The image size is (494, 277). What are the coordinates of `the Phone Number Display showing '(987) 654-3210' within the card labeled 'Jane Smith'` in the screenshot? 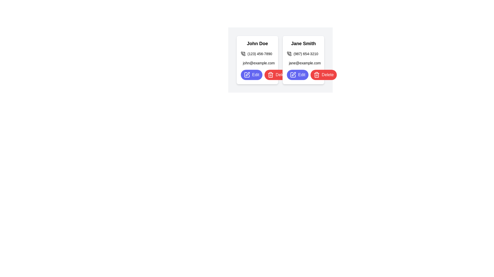 It's located at (303, 54).